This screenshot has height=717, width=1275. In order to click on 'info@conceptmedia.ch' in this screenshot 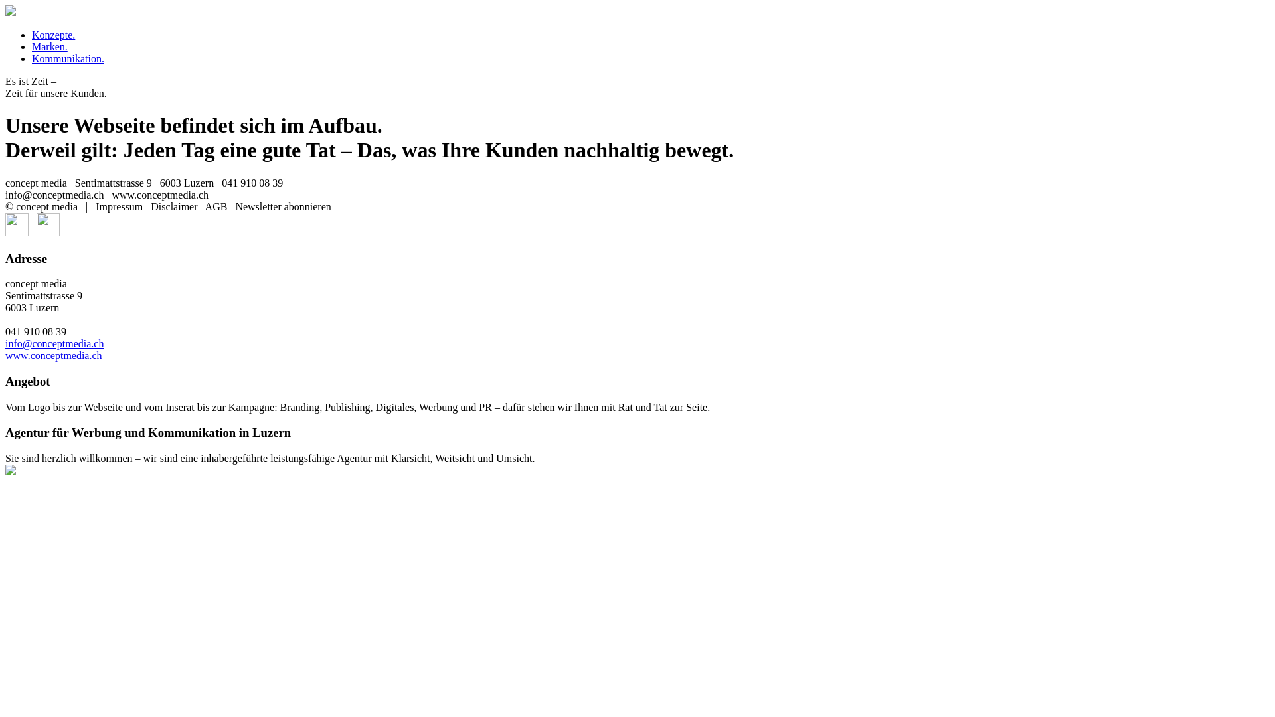, I will do `click(5, 343)`.